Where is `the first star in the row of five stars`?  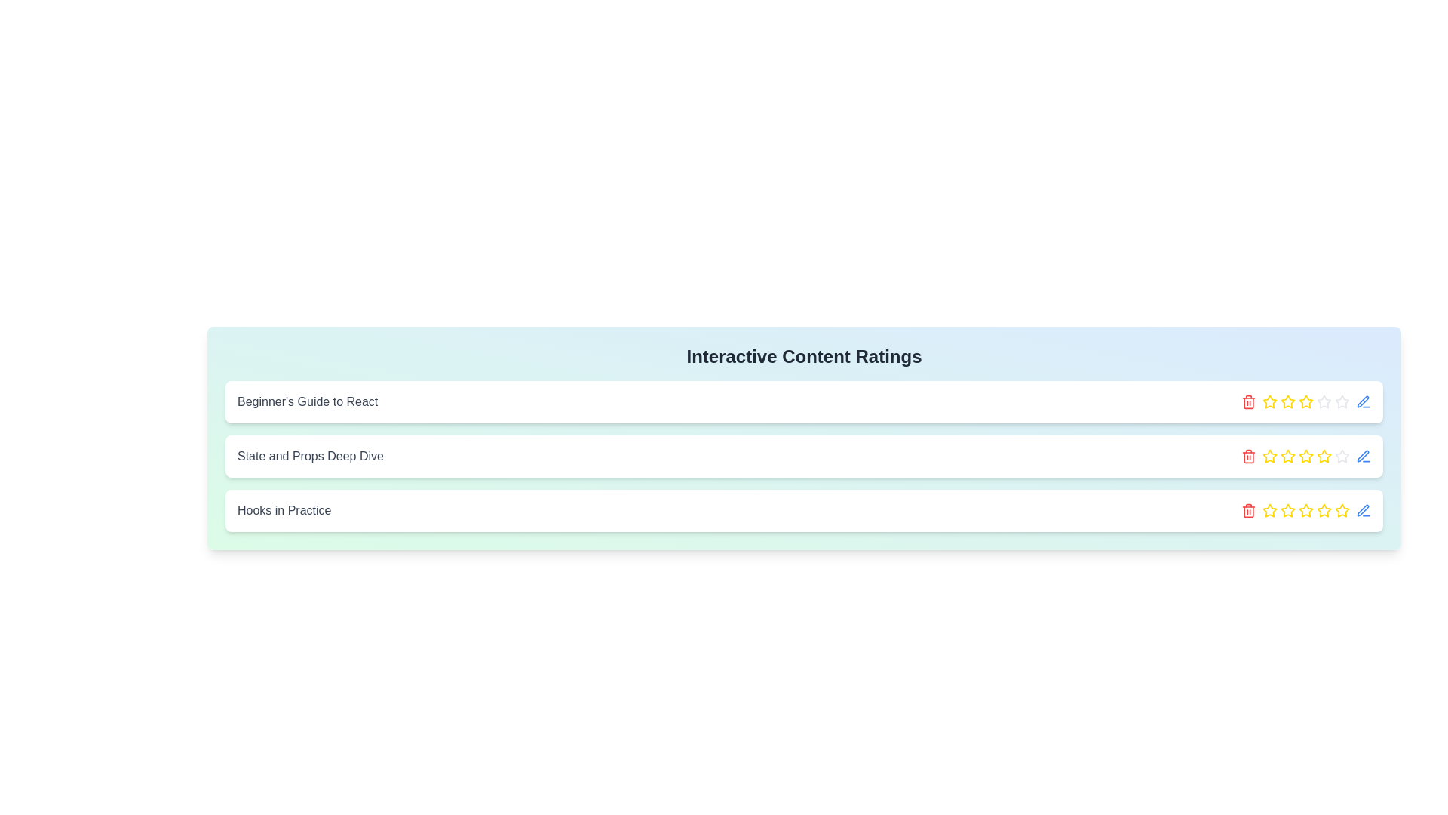 the first star in the row of five stars is located at coordinates (1269, 401).